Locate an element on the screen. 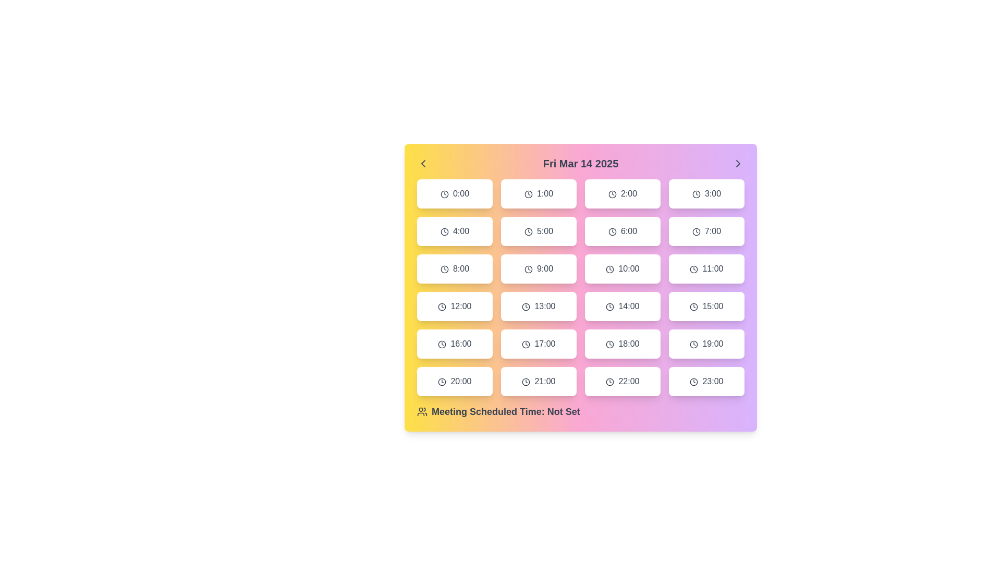 The image size is (1001, 563). the decorative circular outline that represents the clock icon located before the '13:00' button is located at coordinates (526, 306).